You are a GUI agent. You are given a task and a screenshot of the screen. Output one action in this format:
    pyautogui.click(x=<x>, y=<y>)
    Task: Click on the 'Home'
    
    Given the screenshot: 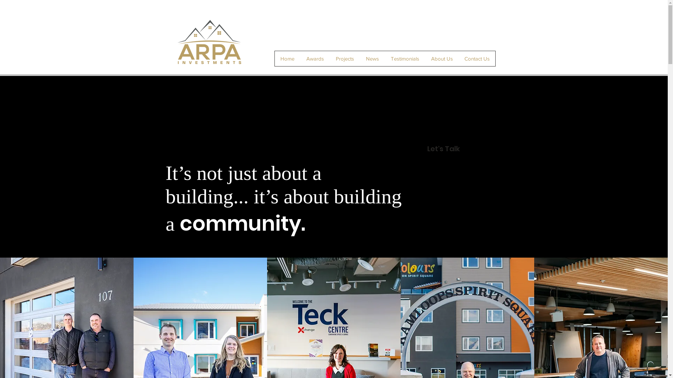 What is the action you would take?
    pyautogui.click(x=287, y=58)
    